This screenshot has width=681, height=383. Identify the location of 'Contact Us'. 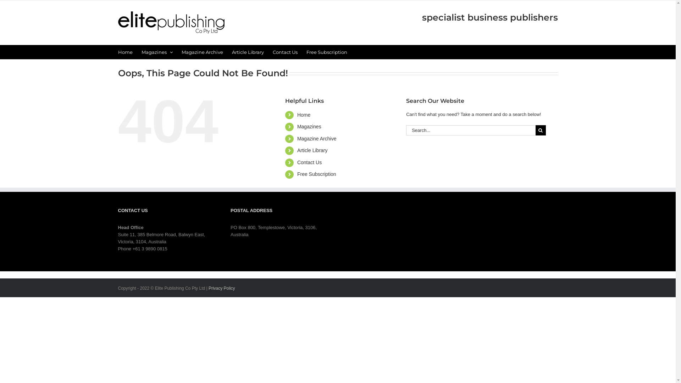
(284, 51).